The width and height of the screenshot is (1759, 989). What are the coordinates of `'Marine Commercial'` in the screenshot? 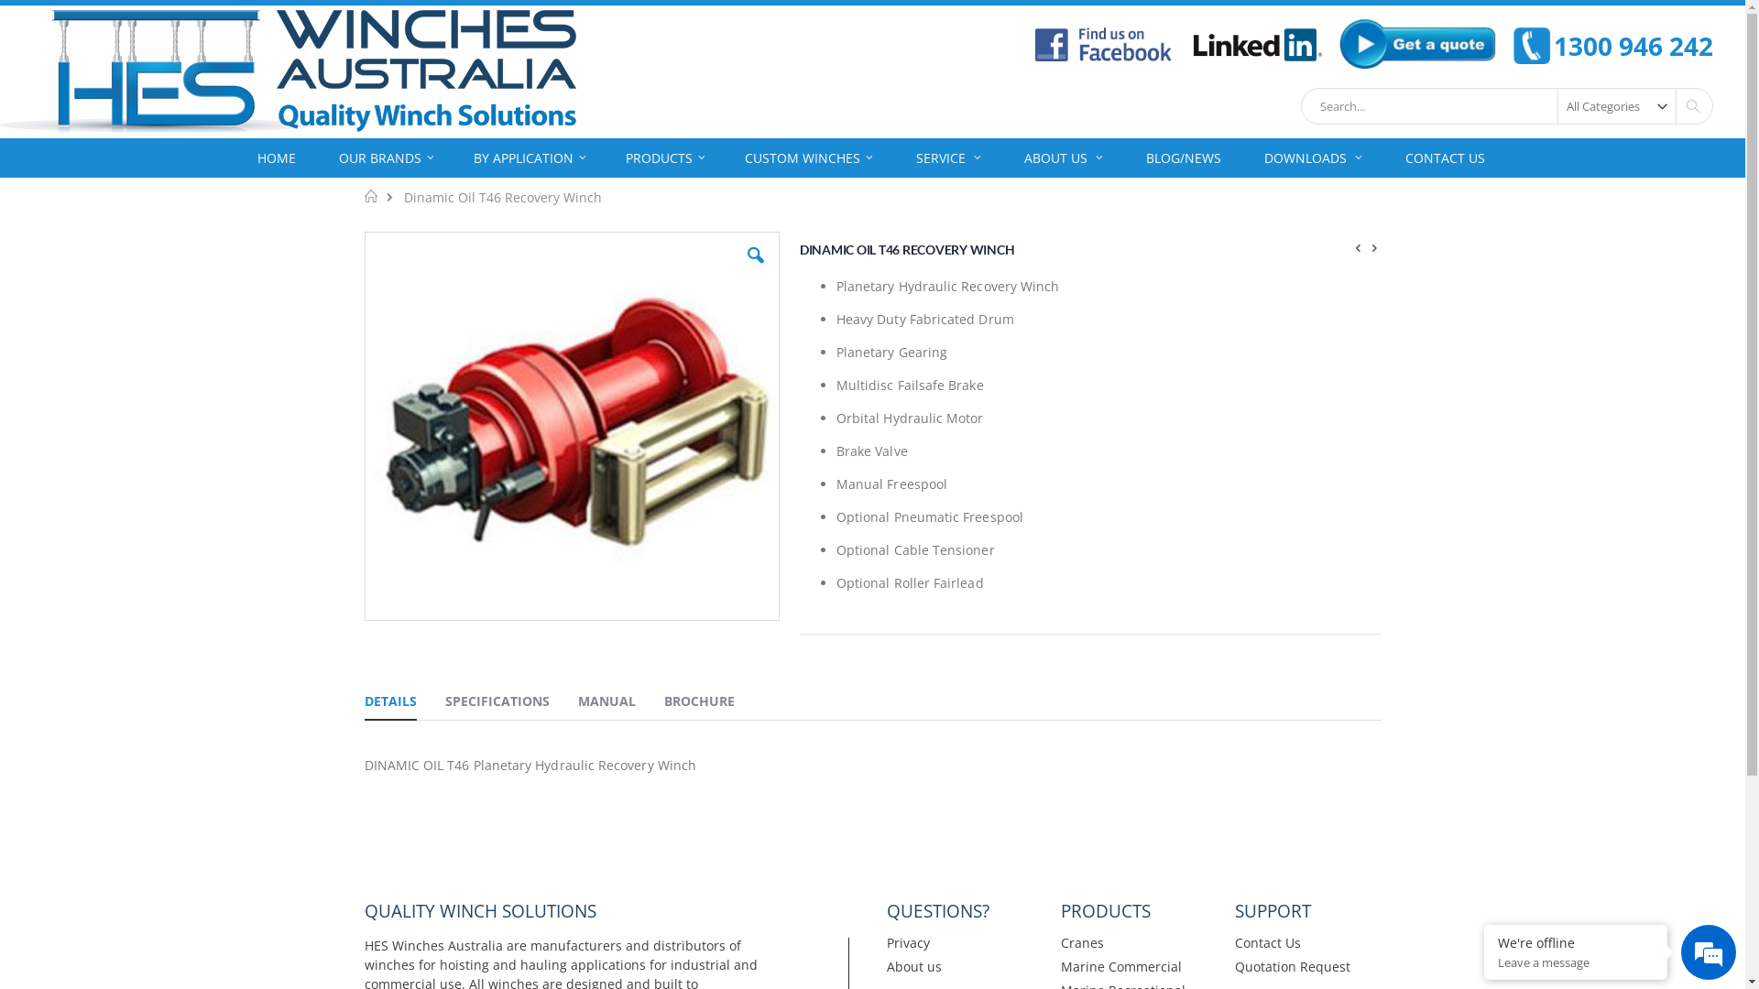 It's located at (1060, 965).